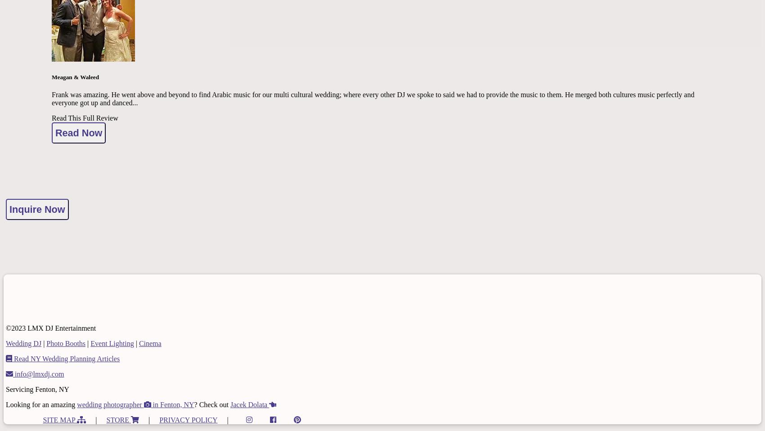 The image size is (765, 431). I want to click on 'Event Lighting', so click(112, 343).